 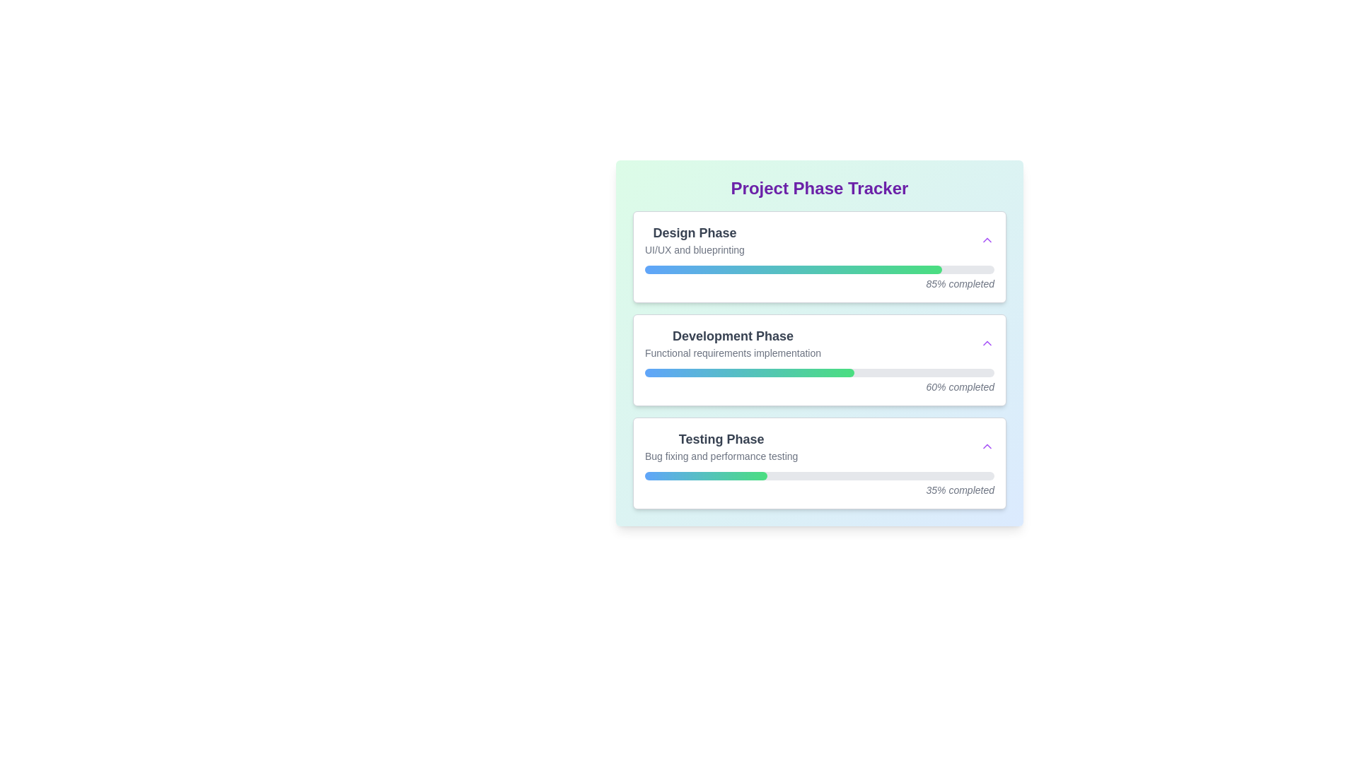 I want to click on the progress bar indicating '60% completed' in the 'Development Phase' card of the 'Project Phase Tracker' interface if it is actionable, so click(x=819, y=381).